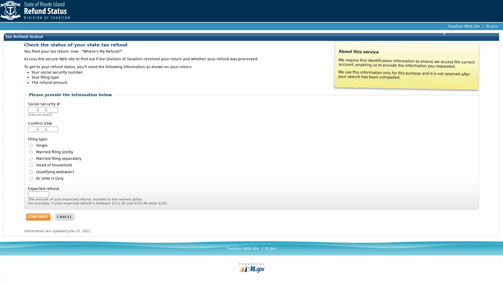 The width and height of the screenshot is (503, 283). What do you see at coordinates (38, 217) in the screenshot?
I see `CONTINUE` at bounding box center [38, 217].